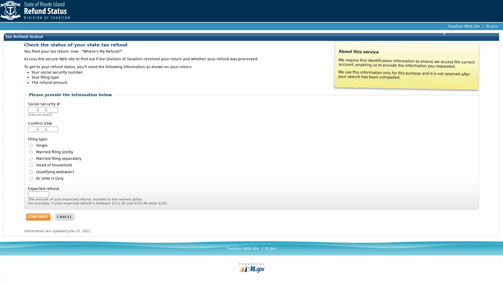 The width and height of the screenshot is (503, 283). What do you see at coordinates (38, 217) in the screenshot?
I see `CONTINUE` at bounding box center [38, 217].